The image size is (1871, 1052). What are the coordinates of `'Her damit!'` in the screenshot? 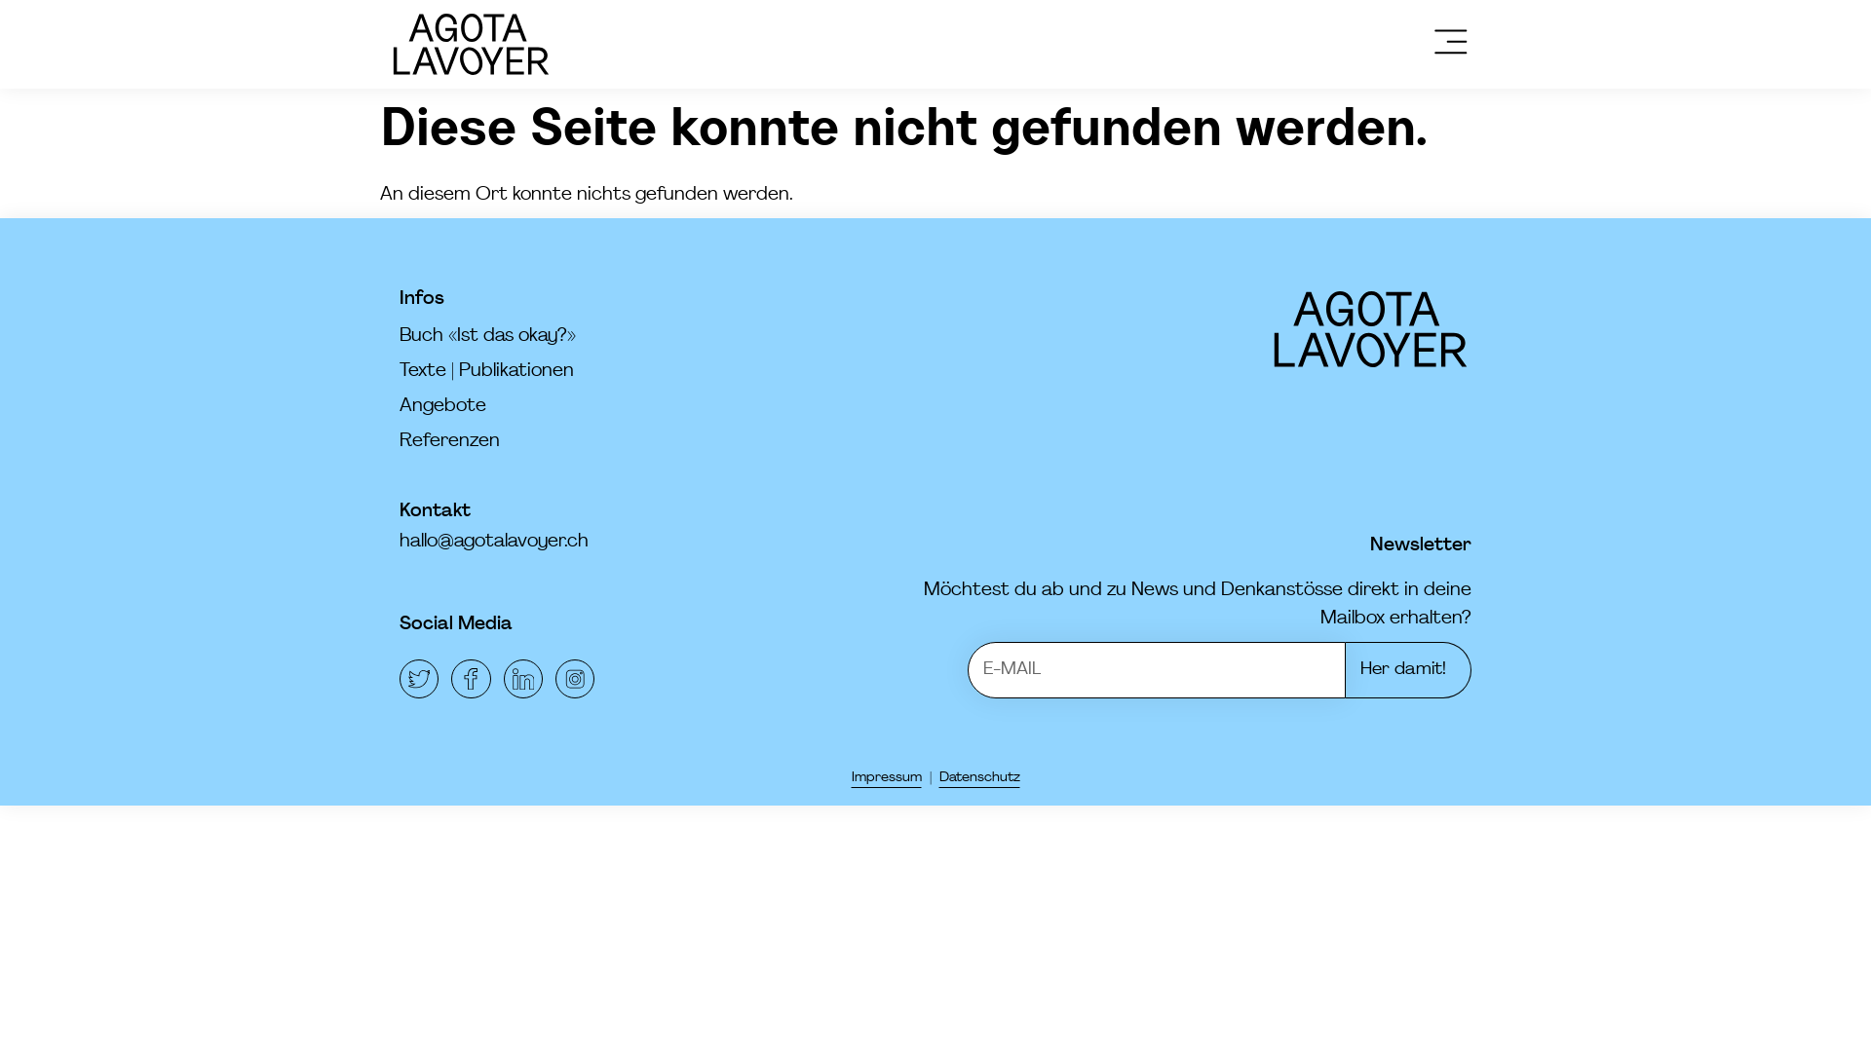 It's located at (1408, 668).